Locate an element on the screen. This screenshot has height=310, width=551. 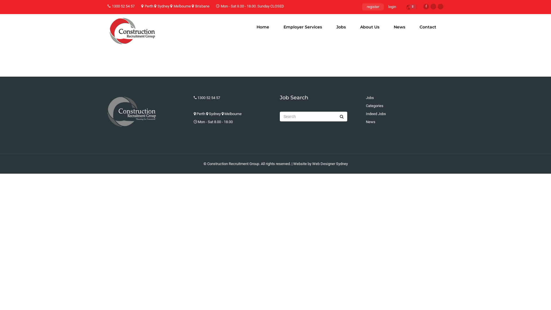
'Indeed Jobs' is located at coordinates (366, 114).